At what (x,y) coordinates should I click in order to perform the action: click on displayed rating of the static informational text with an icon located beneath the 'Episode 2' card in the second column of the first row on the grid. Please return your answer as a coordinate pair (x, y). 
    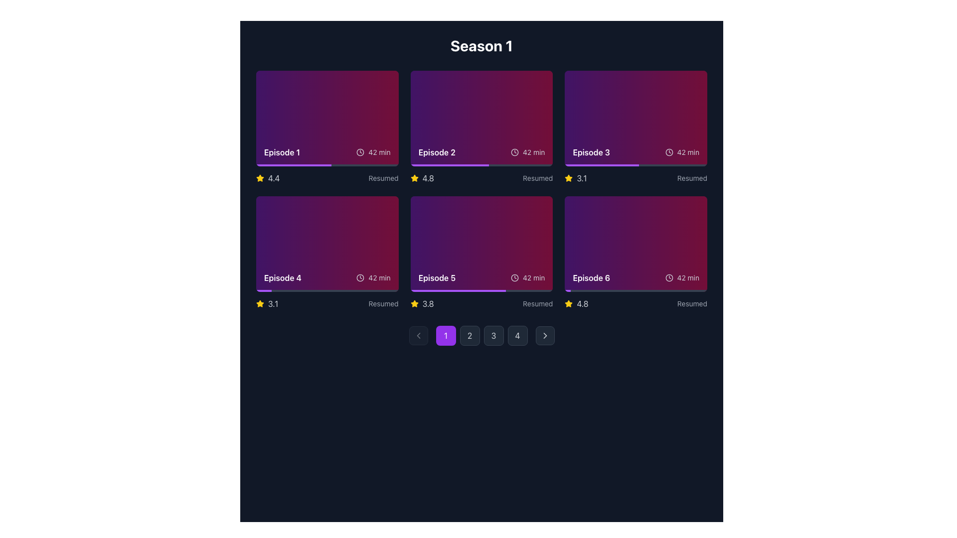
    Looking at the image, I should click on (481, 178).